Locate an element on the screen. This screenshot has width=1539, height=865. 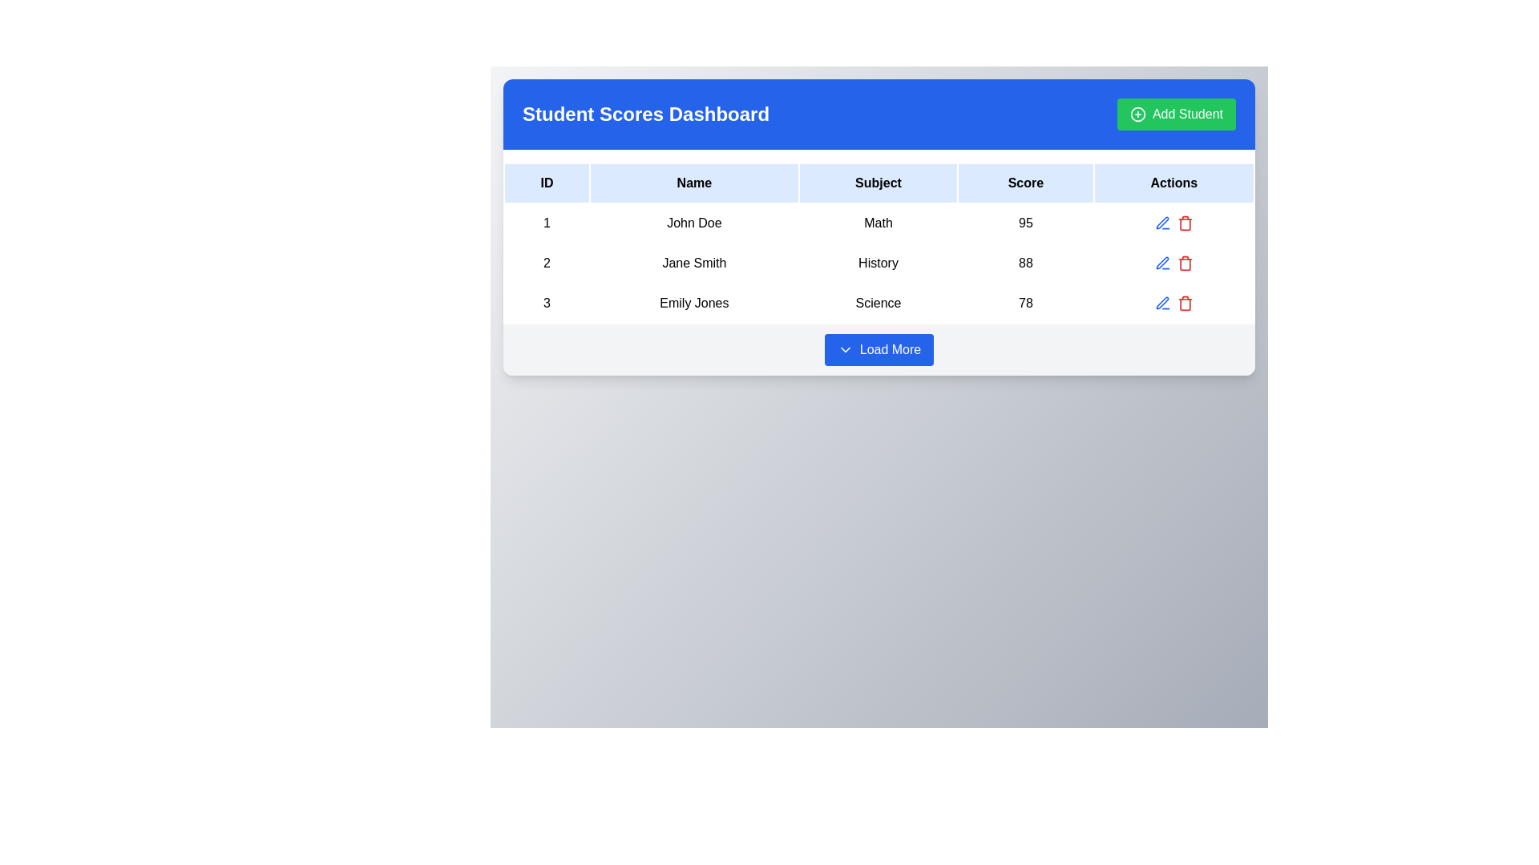
the text element in the second row, first column of the table under the 'Student Scores Dashboard' header is located at coordinates (547, 262).